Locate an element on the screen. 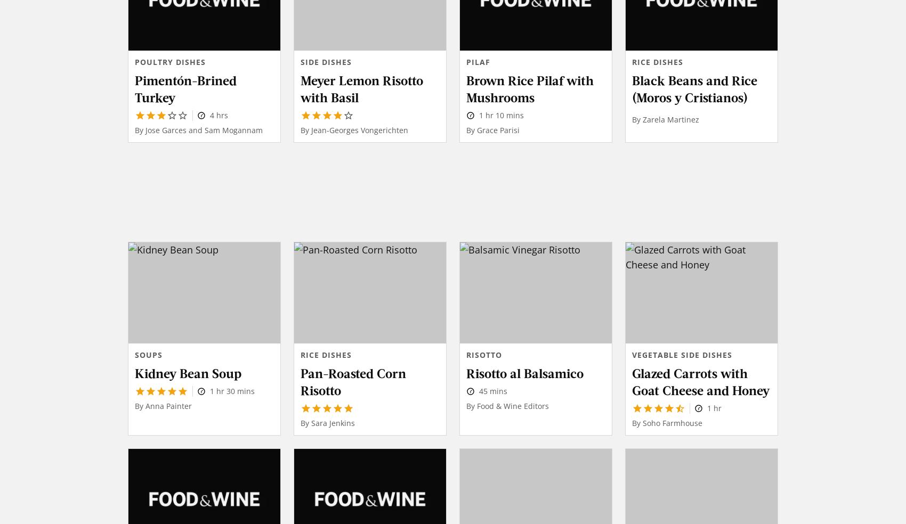 The width and height of the screenshot is (906, 524). '1 hr 10 mins' is located at coordinates (501, 114).